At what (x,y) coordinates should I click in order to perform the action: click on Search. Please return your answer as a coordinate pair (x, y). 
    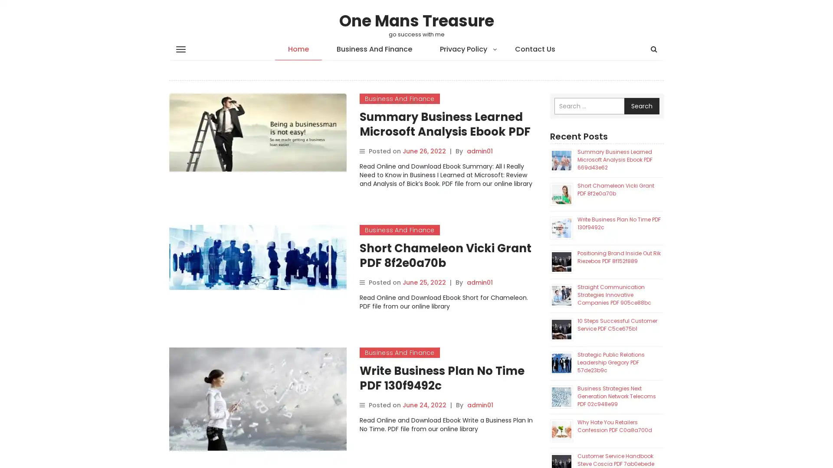
    Looking at the image, I should click on (642, 106).